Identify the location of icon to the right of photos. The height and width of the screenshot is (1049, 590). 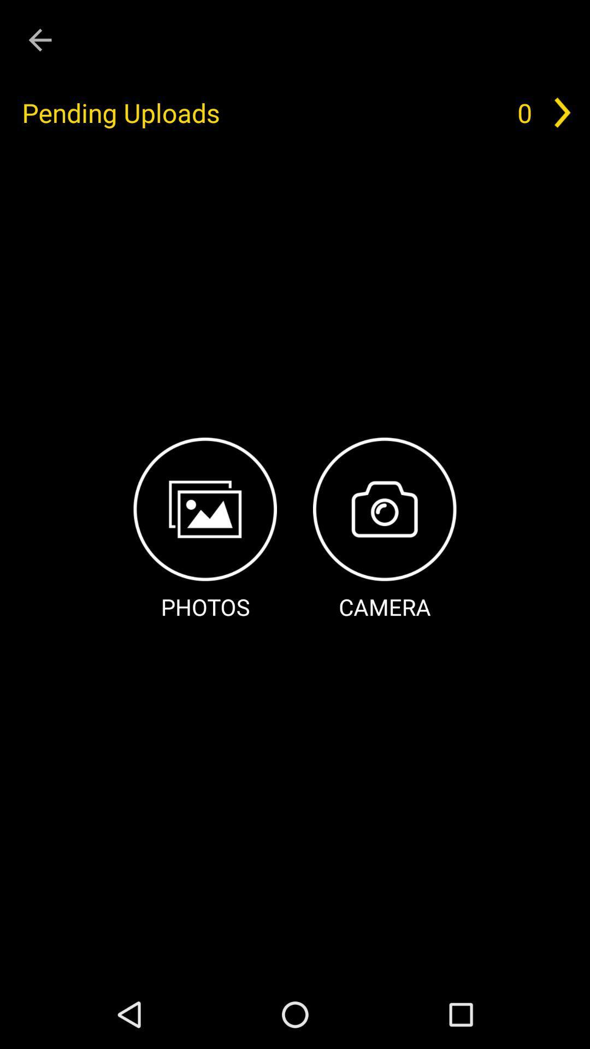
(384, 530).